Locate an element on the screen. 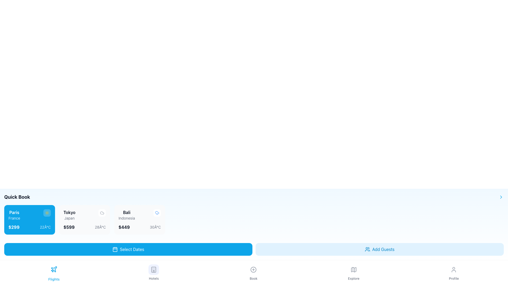 This screenshot has width=508, height=285. the weather icon representing the 'Tokyo' destination located at the top-right corner of the 'Tokyo' section within the 'Quick Book' area is located at coordinates (102, 212).